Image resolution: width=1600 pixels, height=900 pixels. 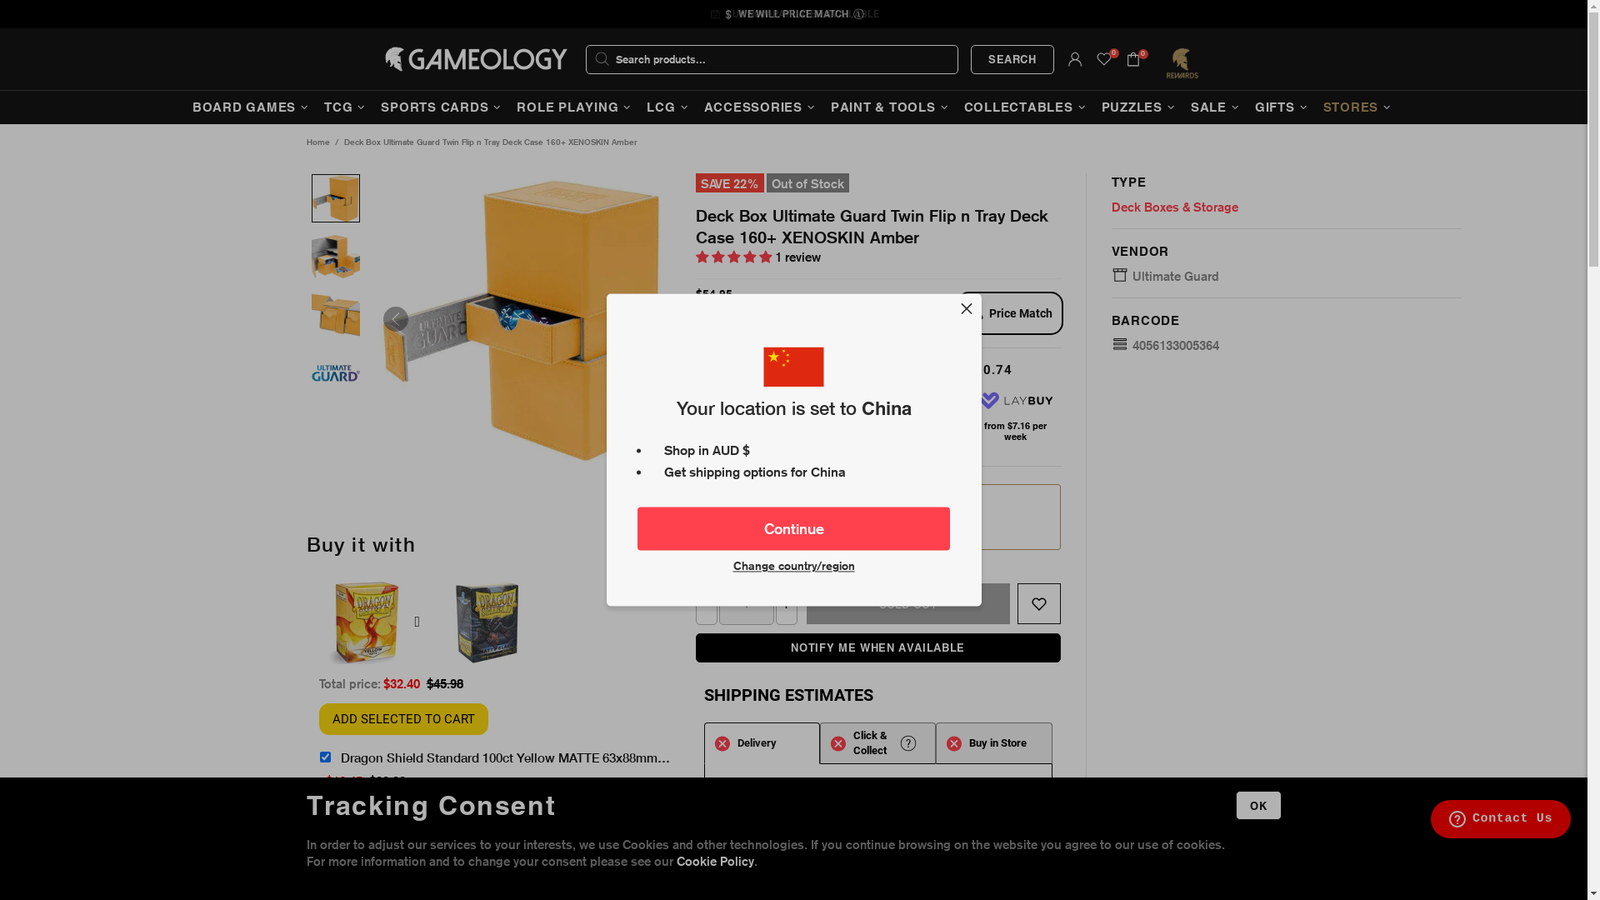 What do you see at coordinates (1139, 107) in the screenshot?
I see `'PUZZLES'` at bounding box center [1139, 107].